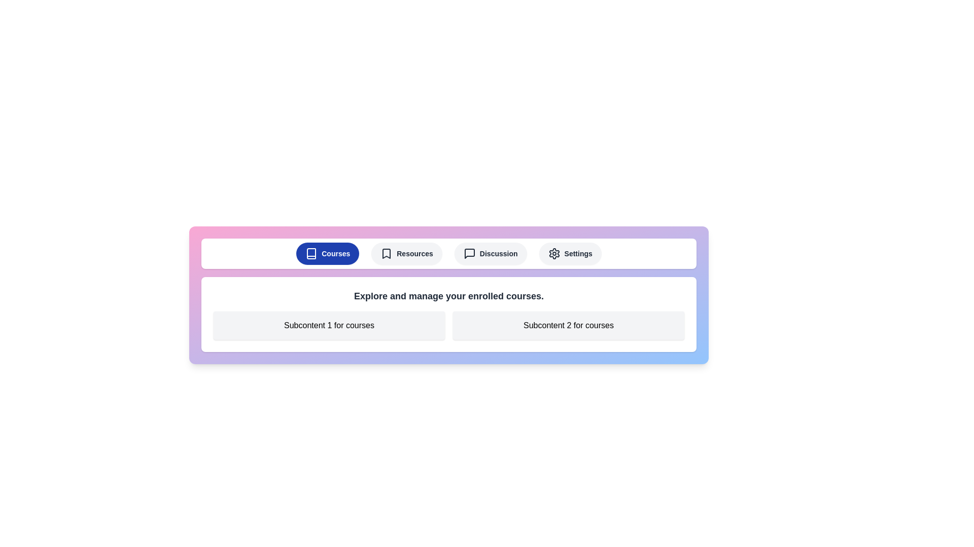 The height and width of the screenshot is (547, 974). Describe the element at coordinates (553, 253) in the screenshot. I see `the settings menu icon located in the top-right side of the interface` at that location.